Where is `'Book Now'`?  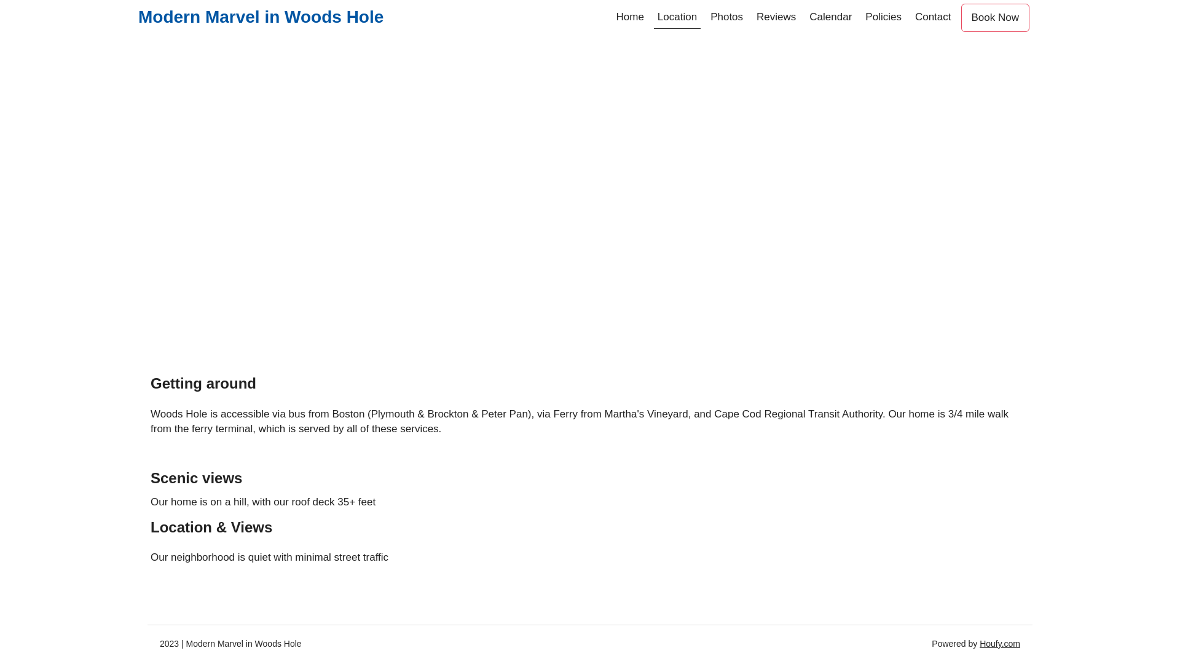 'Book Now' is located at coordinates (995, 18).